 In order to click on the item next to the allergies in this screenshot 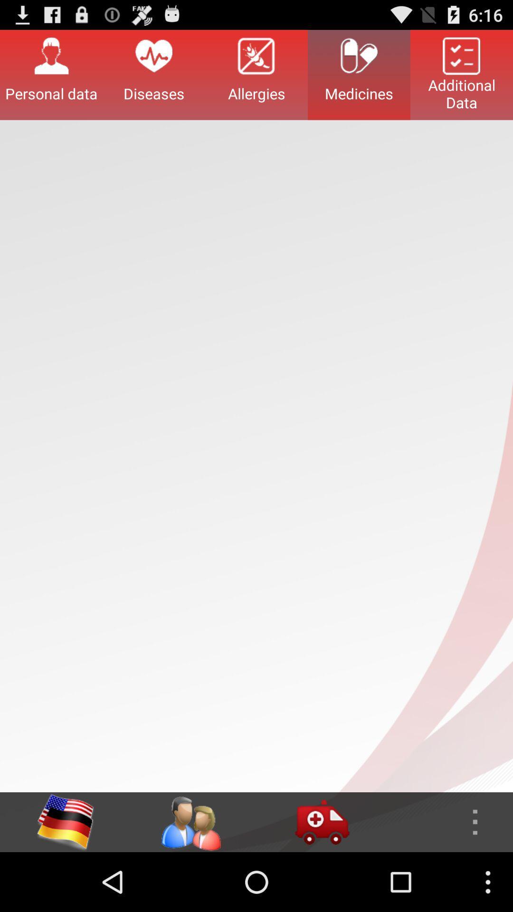, I will do `click(359, 74)`.